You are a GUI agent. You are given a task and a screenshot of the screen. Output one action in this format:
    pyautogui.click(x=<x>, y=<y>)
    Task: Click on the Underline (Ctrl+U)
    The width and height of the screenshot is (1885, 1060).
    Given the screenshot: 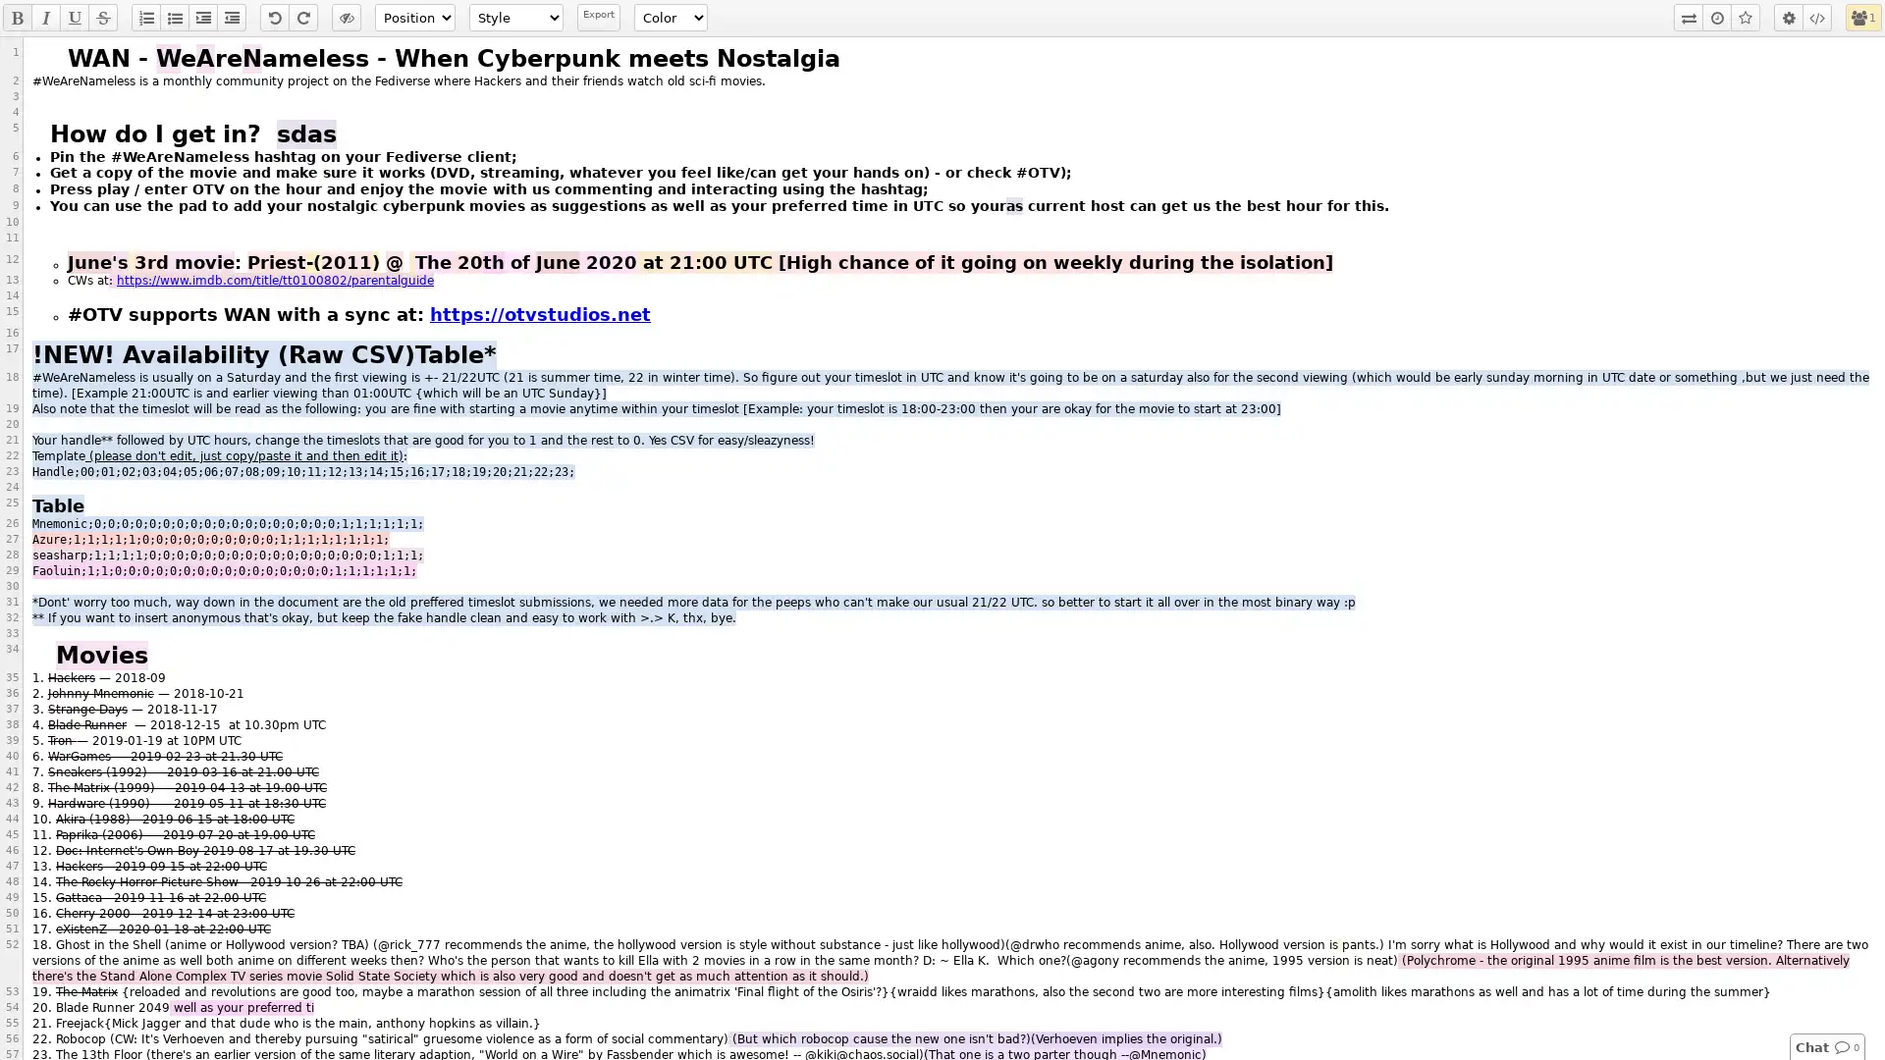 What is the action you would take?
    pyautogui.click(x=75, y=18)
    